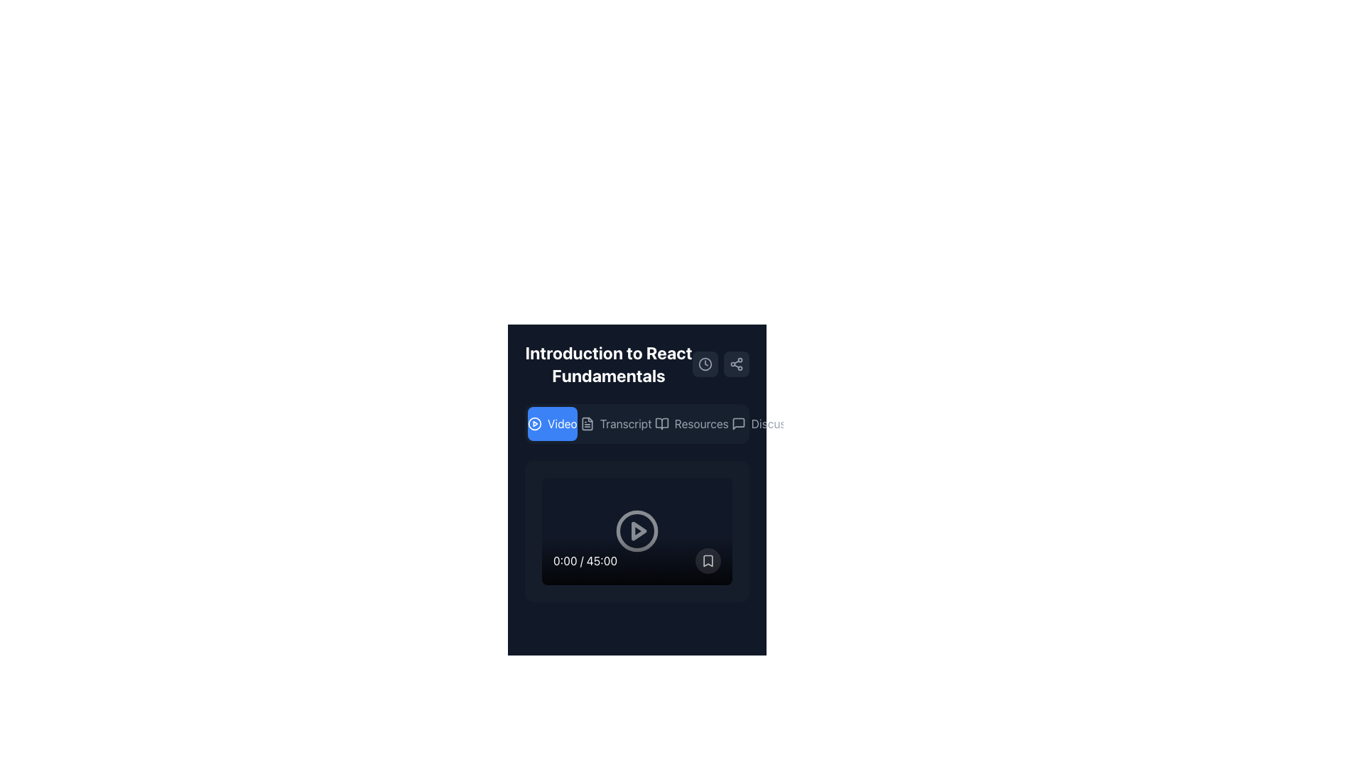  Describe the element at coordinates (738, 423) in the screenshot. I see `the compact gray speech bubble icon located in the 'Discussion' menu bar, positioned to the far left of the 'Discussion' text component` at that location.